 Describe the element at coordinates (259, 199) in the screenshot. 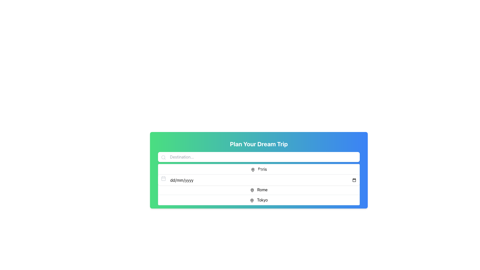

I see `the fourth selectable option in the dropdown menu` at that location.